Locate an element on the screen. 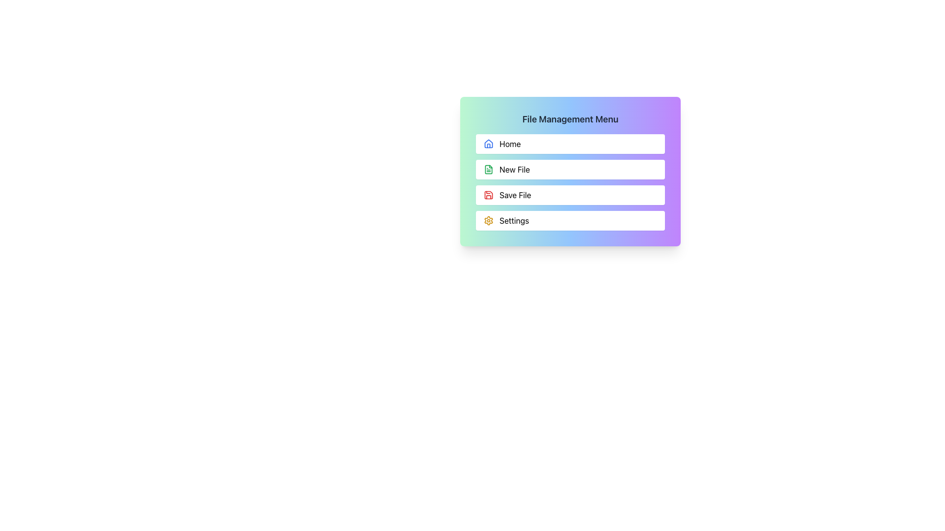 The width and height of the screenshot is (945, 531). the 'Save' text label, which is the third item in the vertical menu list is located at coordinates (515, 195).